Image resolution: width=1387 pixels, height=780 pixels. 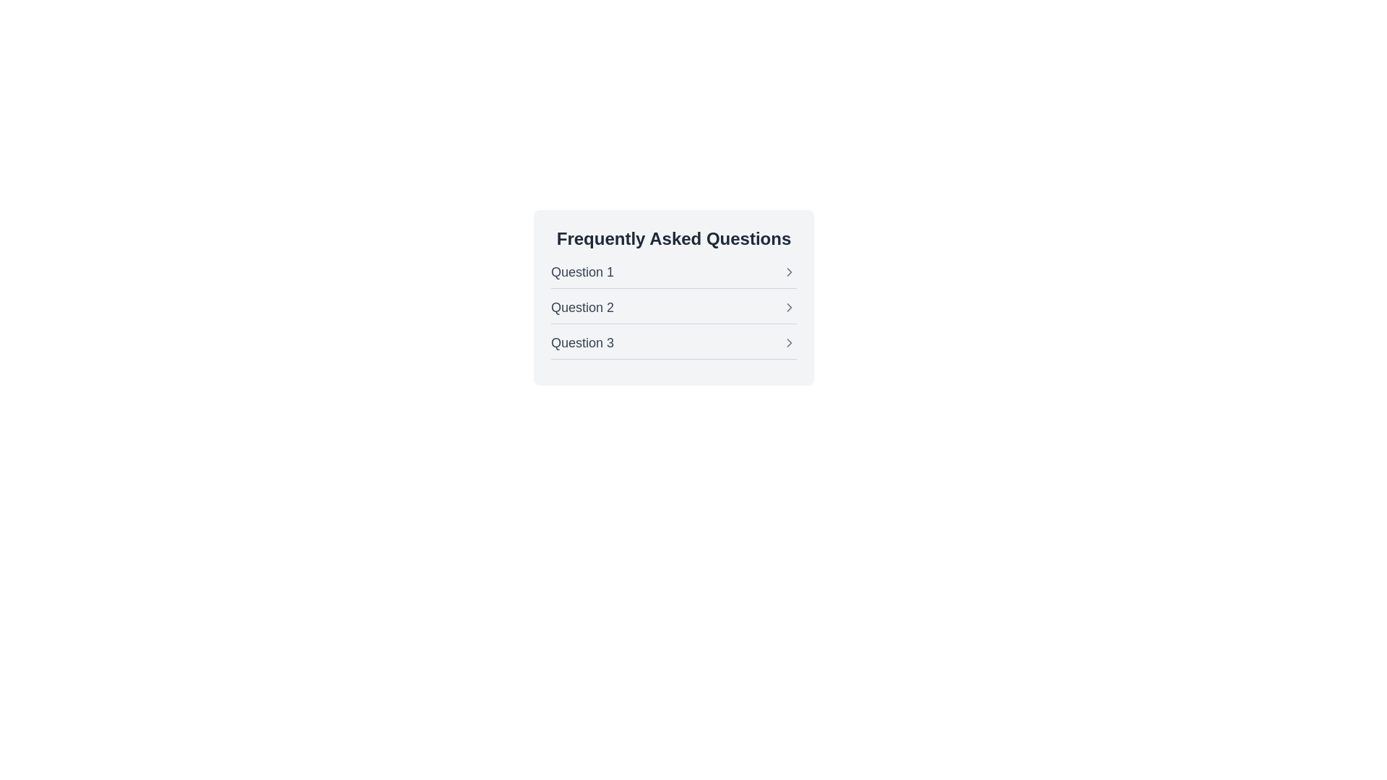 I want to click on the text label 'Question 1', so click(x=582, y=272).